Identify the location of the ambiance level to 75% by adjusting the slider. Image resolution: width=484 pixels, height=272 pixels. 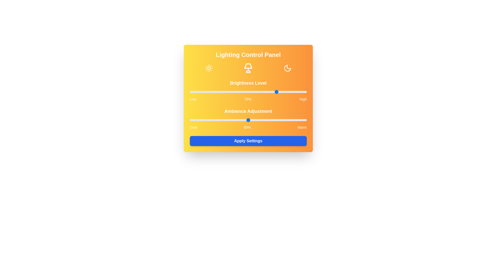
(277, 120).